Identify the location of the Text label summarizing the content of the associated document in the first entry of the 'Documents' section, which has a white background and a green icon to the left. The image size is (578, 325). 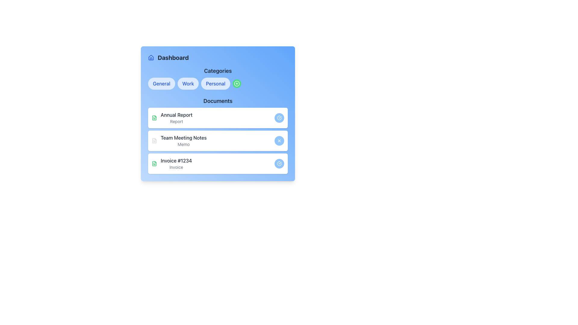
(176, 118).